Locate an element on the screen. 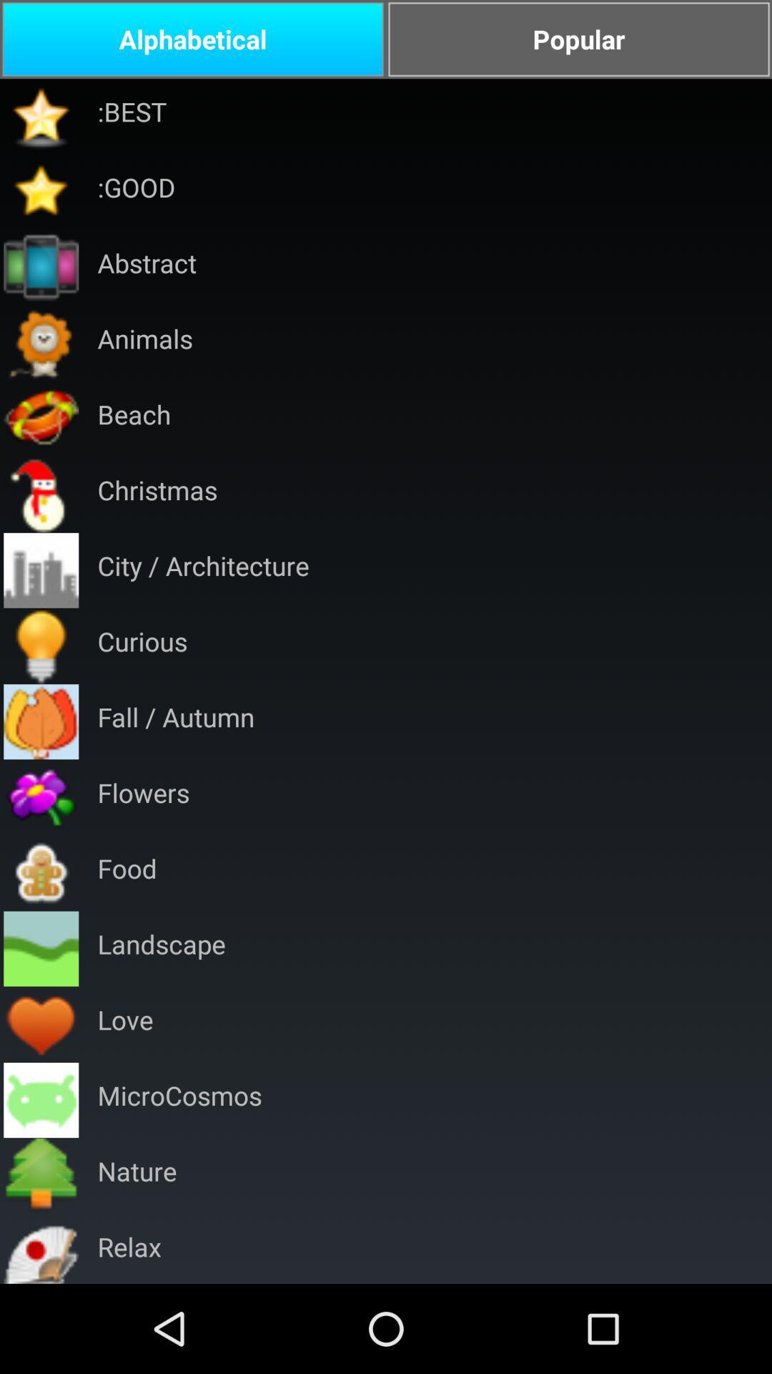 Image resolution: width=772 pixels, height=1374 pixels. beach icon is located at coordinates (134, 418).